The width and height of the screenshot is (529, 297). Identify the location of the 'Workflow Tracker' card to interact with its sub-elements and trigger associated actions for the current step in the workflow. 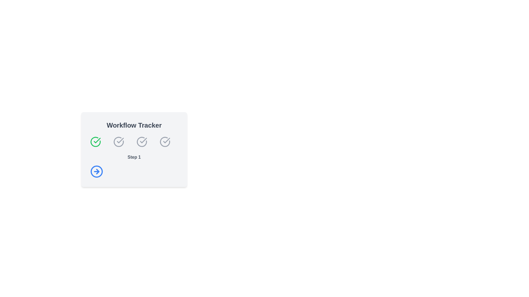
(134, 149).